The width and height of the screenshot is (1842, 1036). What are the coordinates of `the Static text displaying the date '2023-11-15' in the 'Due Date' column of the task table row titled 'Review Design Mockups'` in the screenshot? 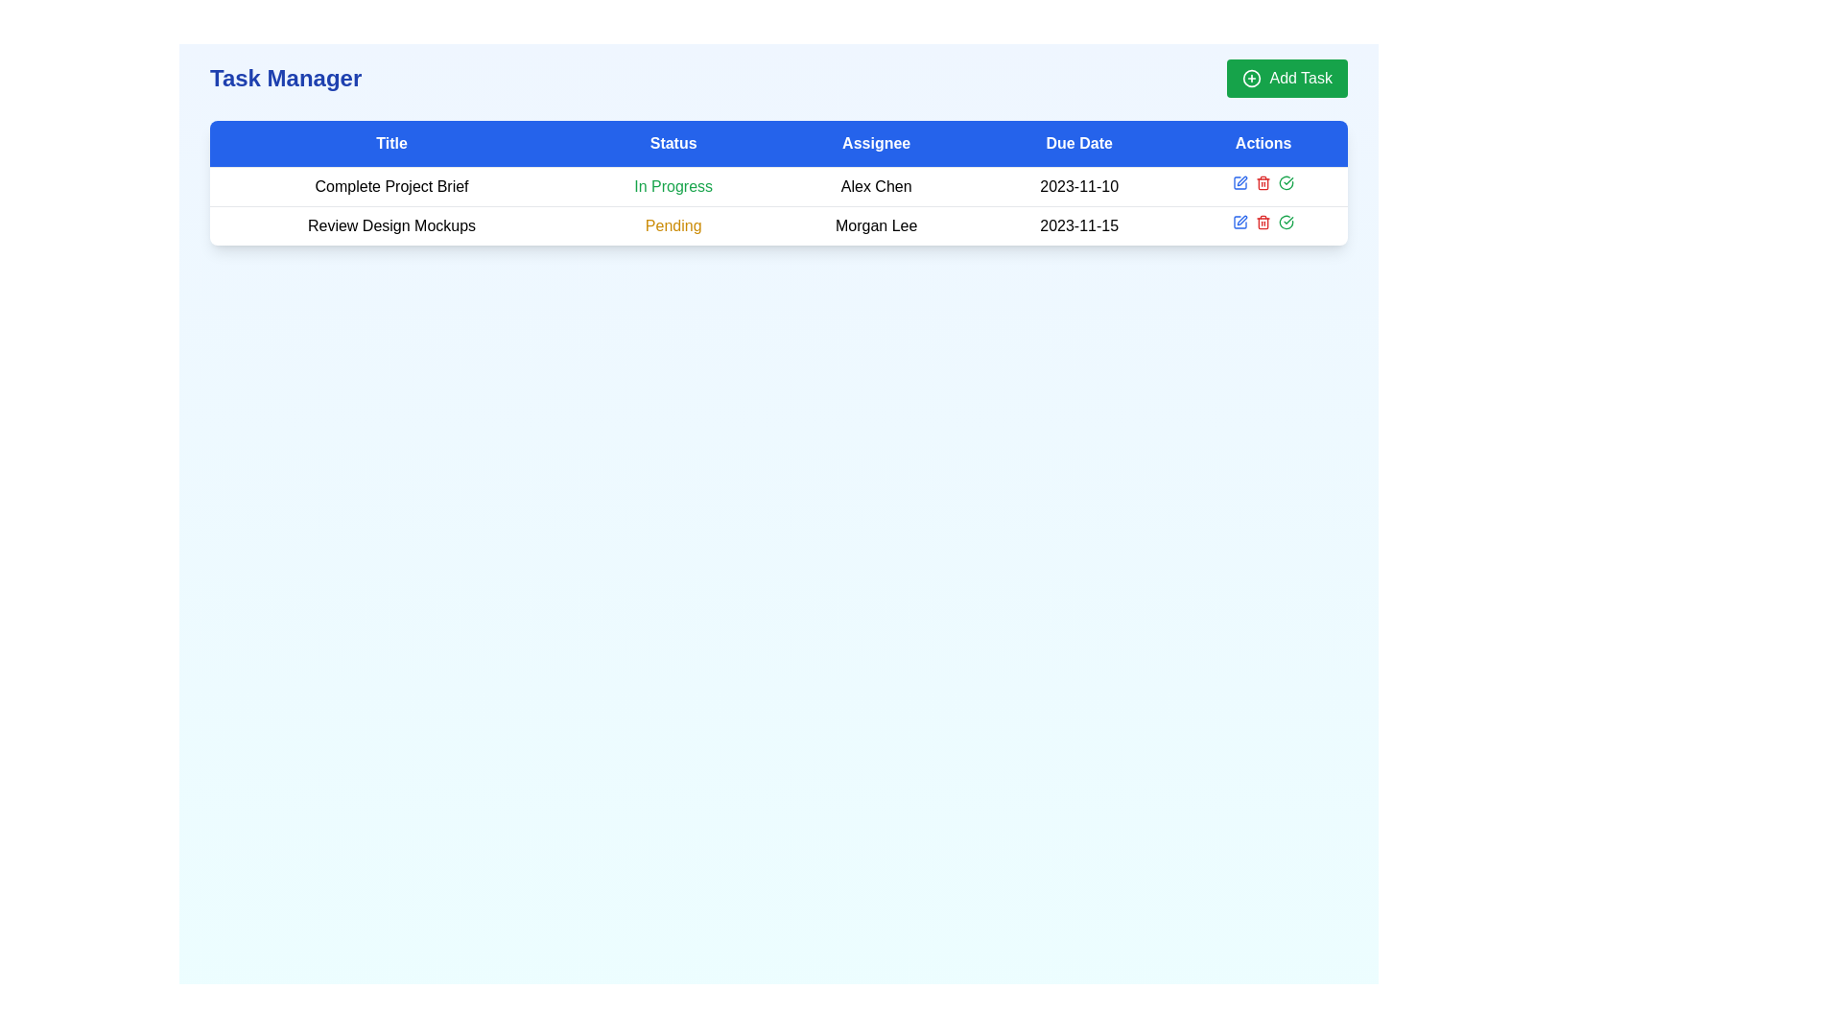 It's located at (1079, 224).